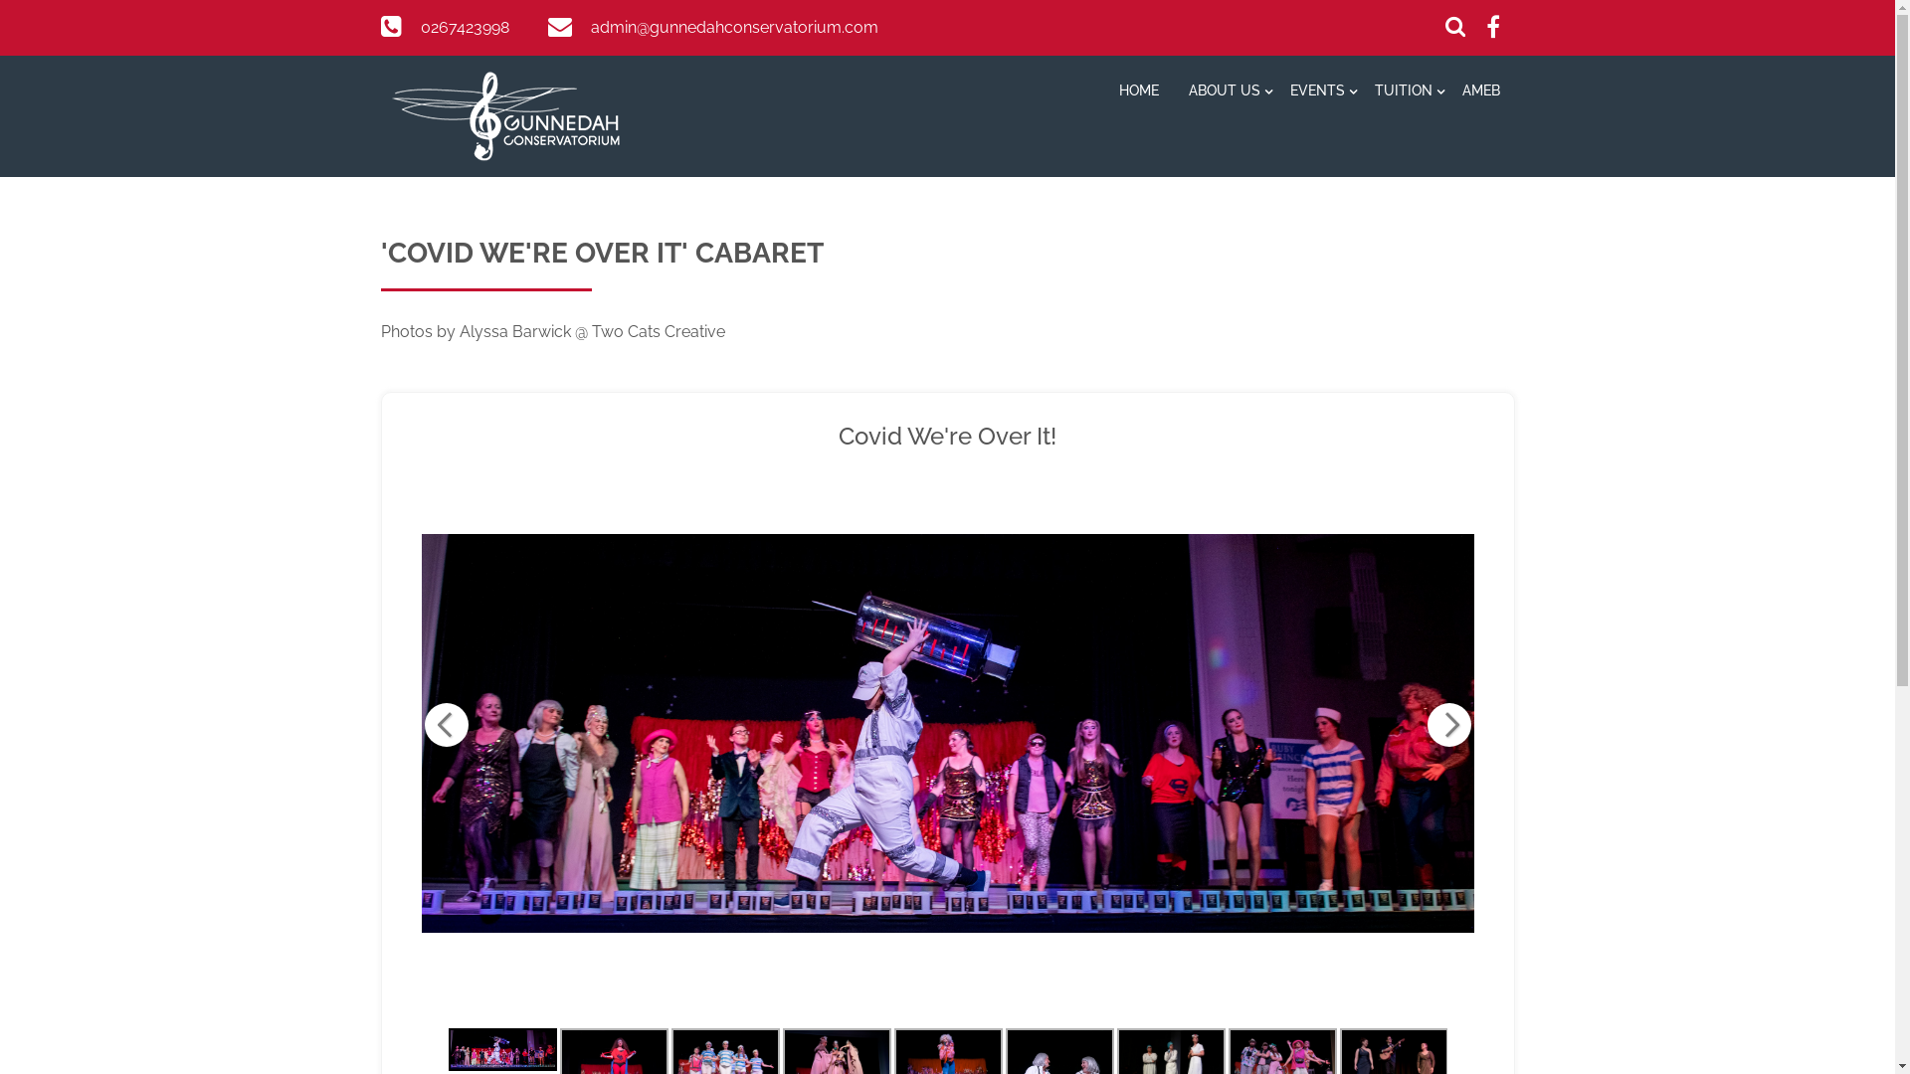  Describe the element at coordinates (1317, 92) in the screenshot. I see `'EVENTS'` at that location.